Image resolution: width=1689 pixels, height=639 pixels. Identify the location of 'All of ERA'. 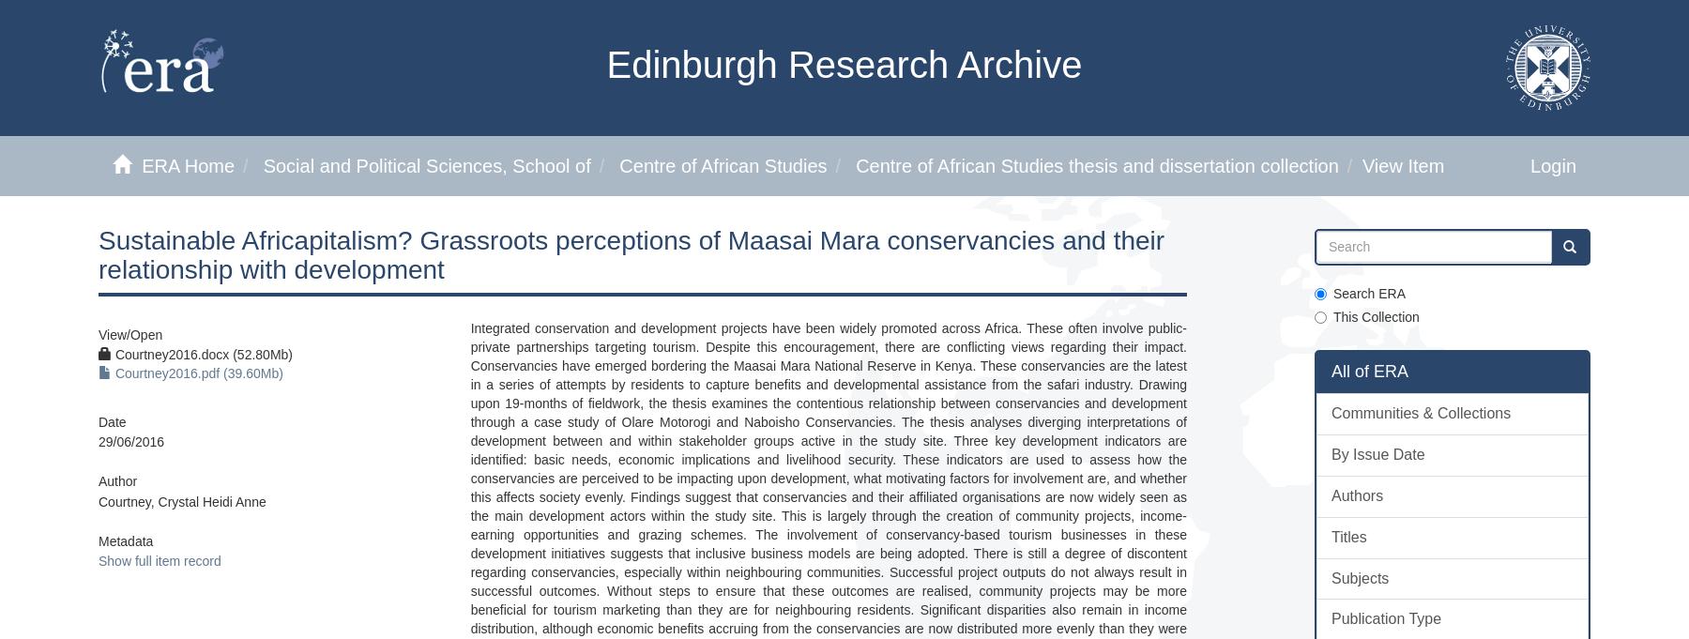
(1368, 371).